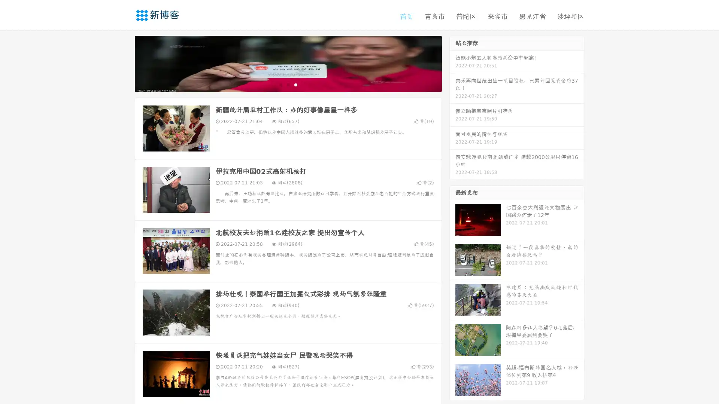 This screenshot has height=404, width=719. Describe the element at coordinates (280, 84) in the screenshot. I see `Go to slide 1` at that location.